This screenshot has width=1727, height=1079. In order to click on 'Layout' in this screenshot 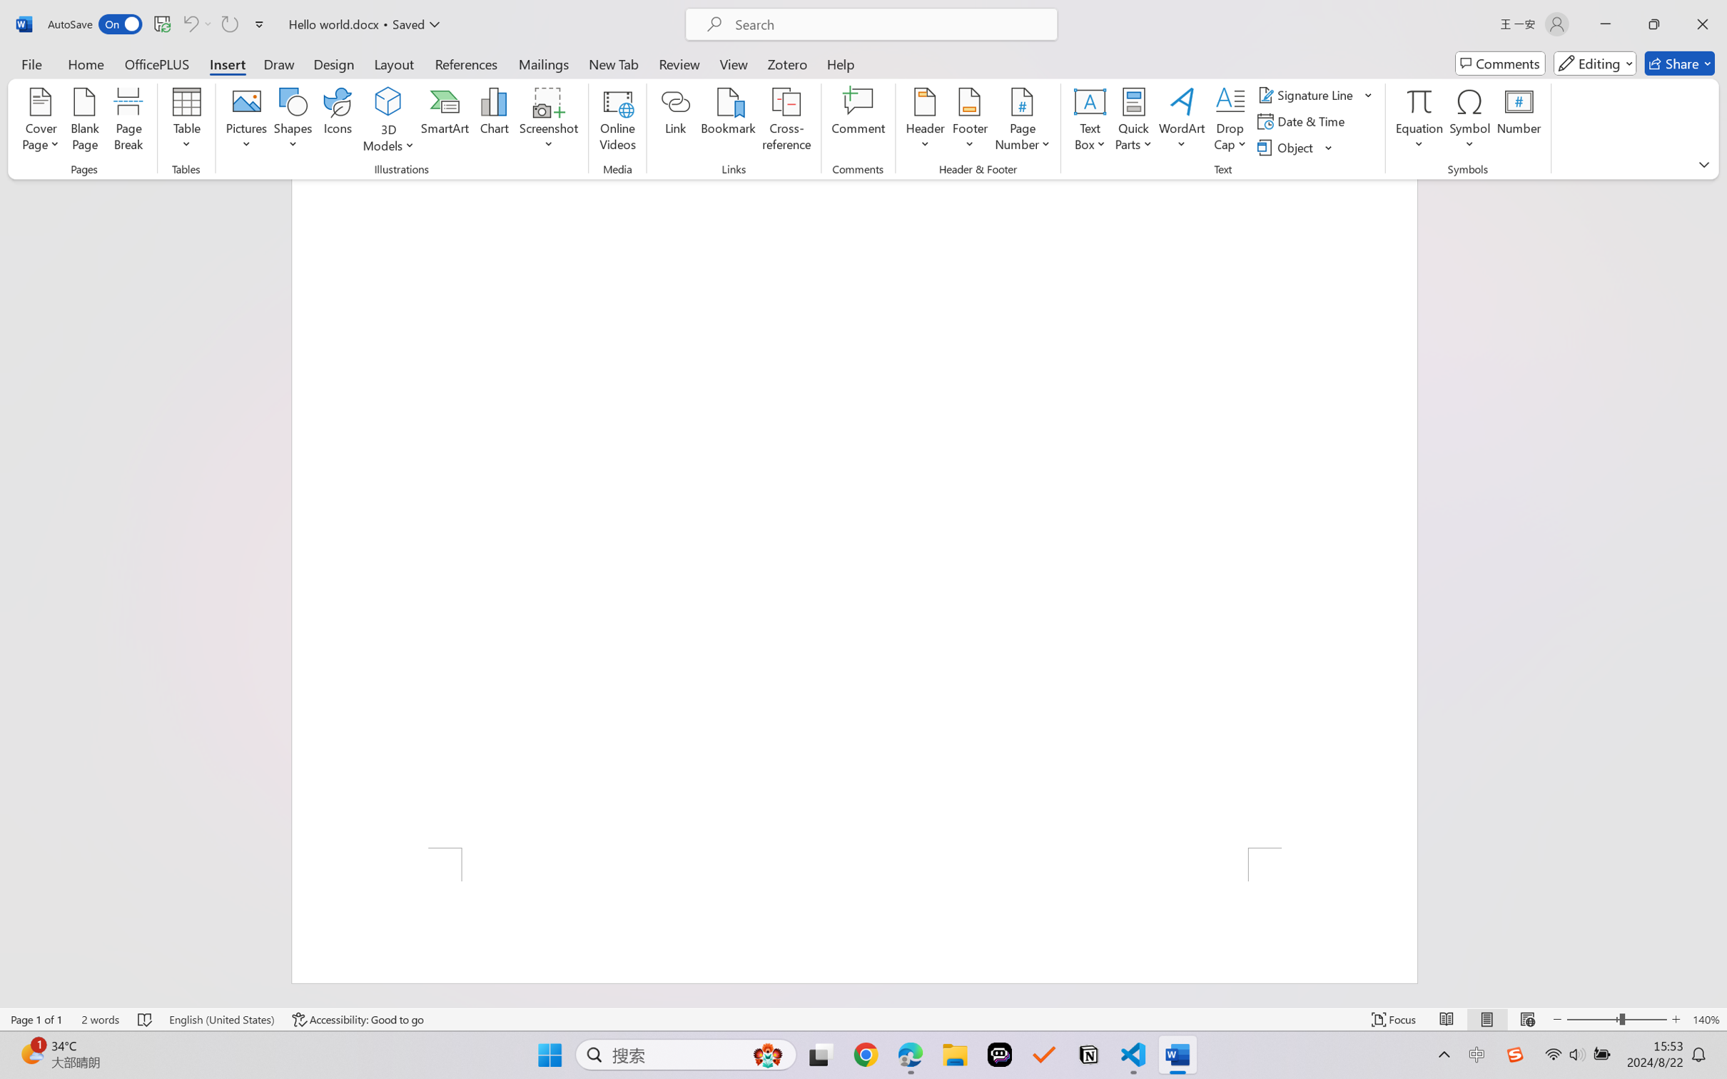, I will do `click(392, 63)`.